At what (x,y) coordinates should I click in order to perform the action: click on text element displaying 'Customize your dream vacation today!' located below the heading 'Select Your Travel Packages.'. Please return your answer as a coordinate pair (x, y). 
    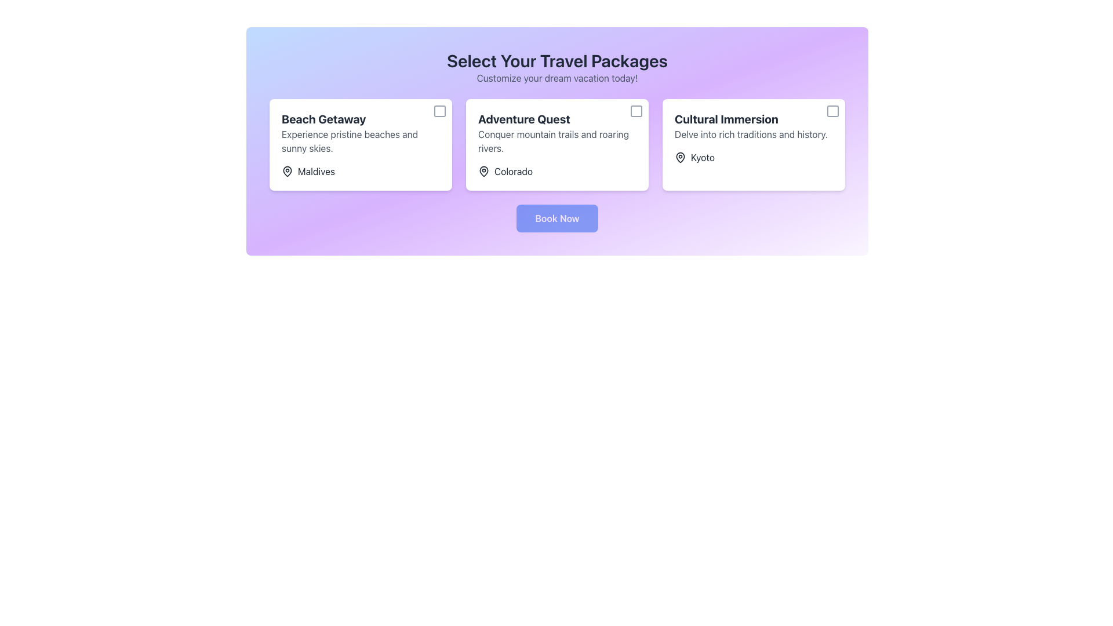
    Looking at the image, I should click on (557, 78).